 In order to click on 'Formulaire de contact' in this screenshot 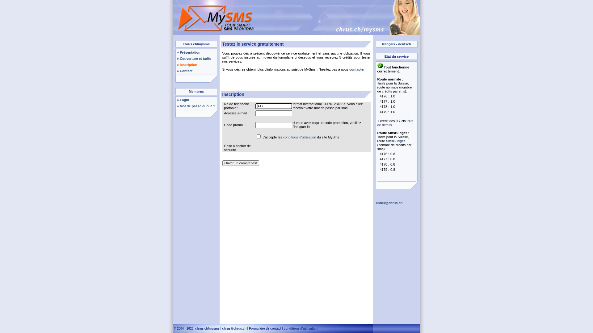, I will do `click(249, 328)`.